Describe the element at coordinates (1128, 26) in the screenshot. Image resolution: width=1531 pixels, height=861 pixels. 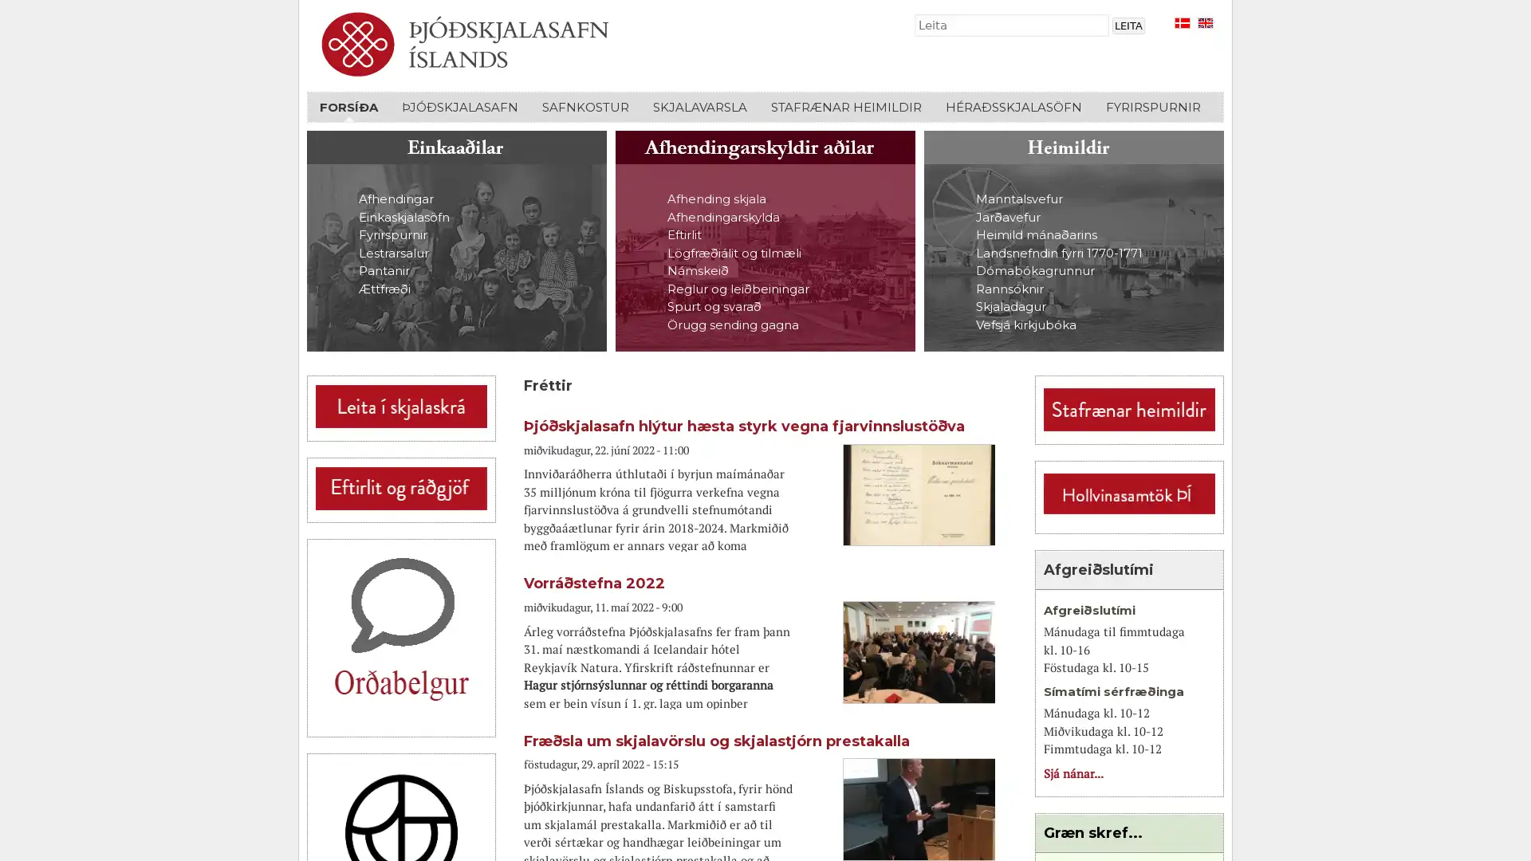
I see `Leita` at that location.